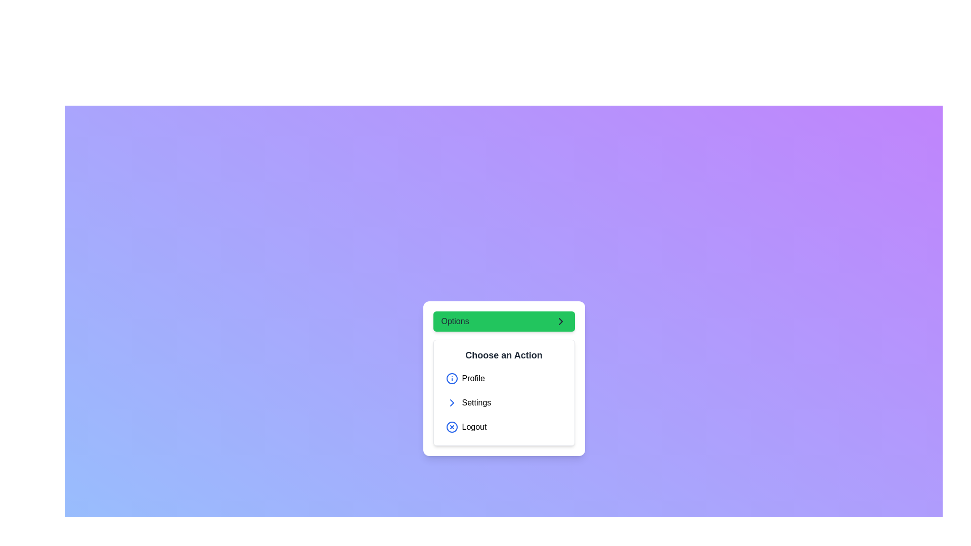 Image resolution: width=971 pixels, height=546 pixels. I want to click on the right-facing chevron arrow icon, which is a small black vector graphic located at the far-right side of the green 'Options' button in the top section of the modal dialog, so click(560, 322).